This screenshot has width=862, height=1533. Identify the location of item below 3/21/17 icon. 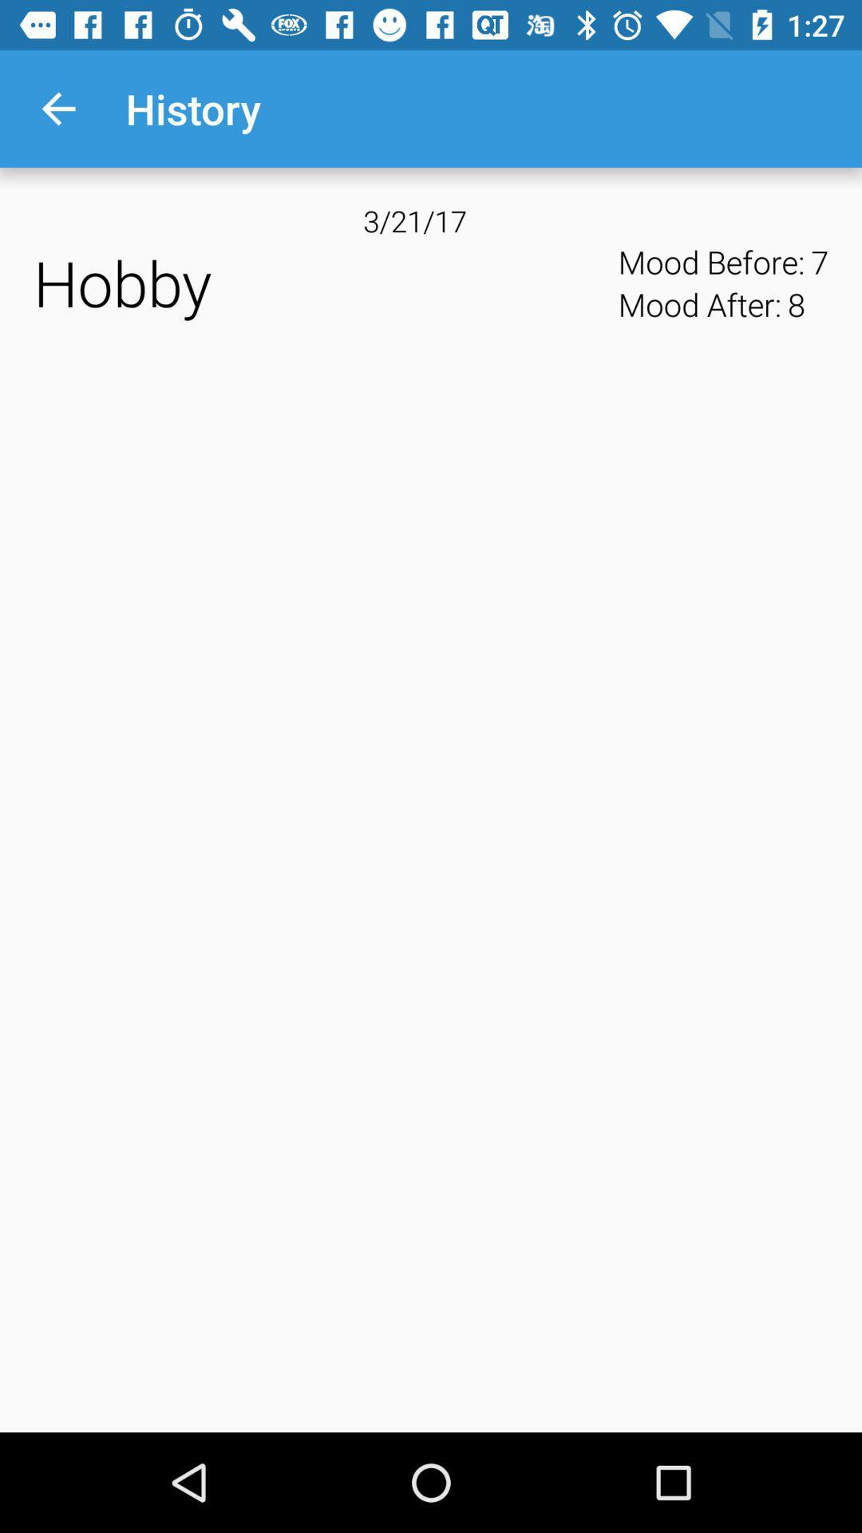
(320, 283).